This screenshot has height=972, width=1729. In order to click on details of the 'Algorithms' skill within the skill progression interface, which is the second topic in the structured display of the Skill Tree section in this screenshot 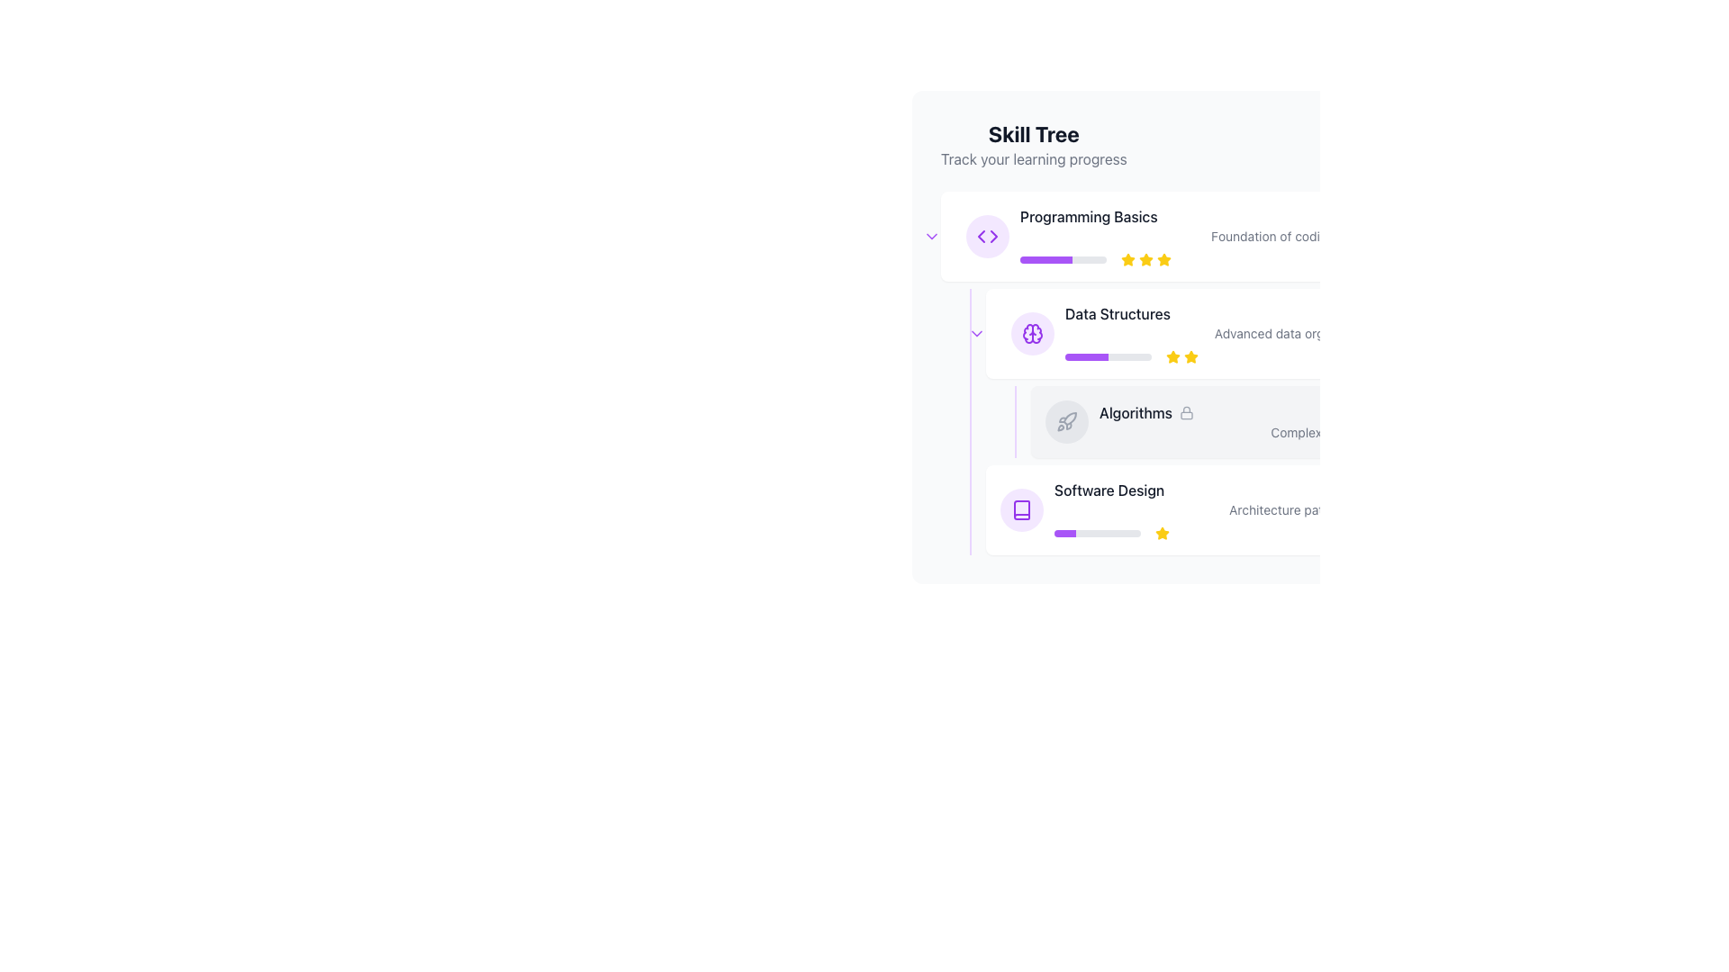, I will do `click(1286, 422)`.